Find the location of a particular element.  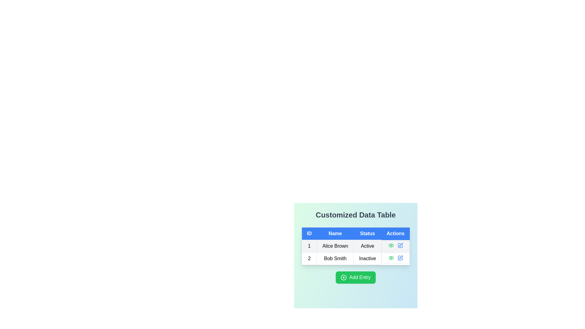

the text label displaying 'Active' located in the first row of the data table under the 'Status' column is located at coordinates (367, 246).